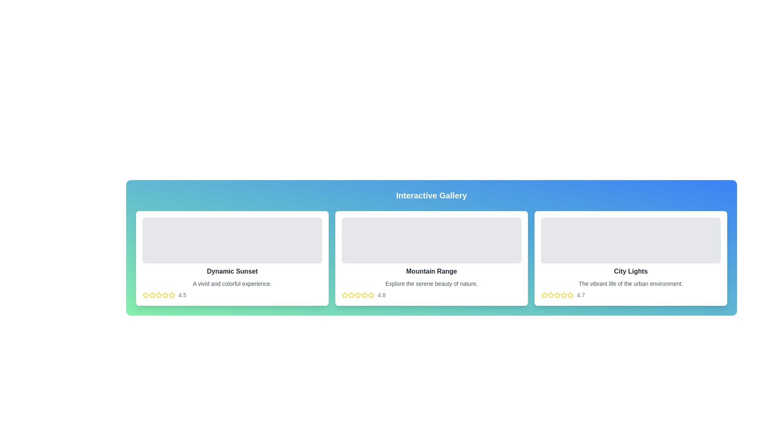 The width and height of the screenshot is (784, 441). What do you see at coordinates (431, 240) in the screenshot?
I see `the grey-colored, rounded rectangular image placeholder located at the top center of the 'Mountain Range' section` at bounding box center [431, 240].